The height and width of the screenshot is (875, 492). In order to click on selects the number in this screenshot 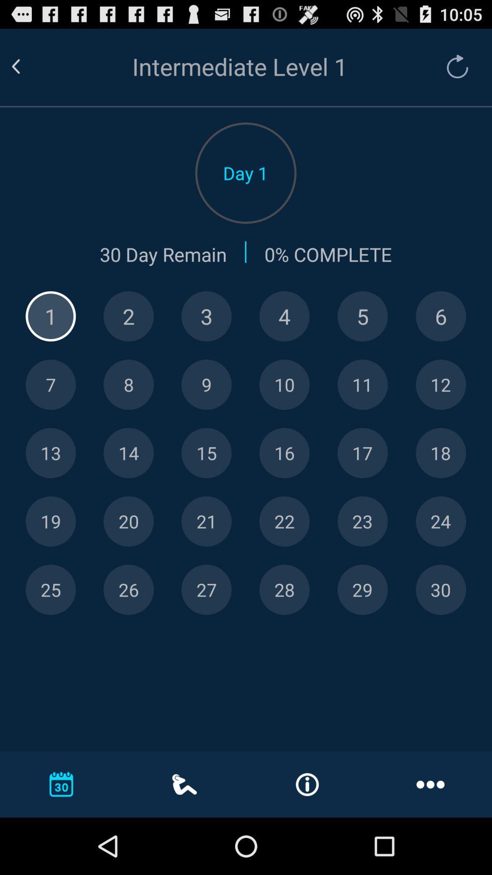, I will do `click(128, 521)`.